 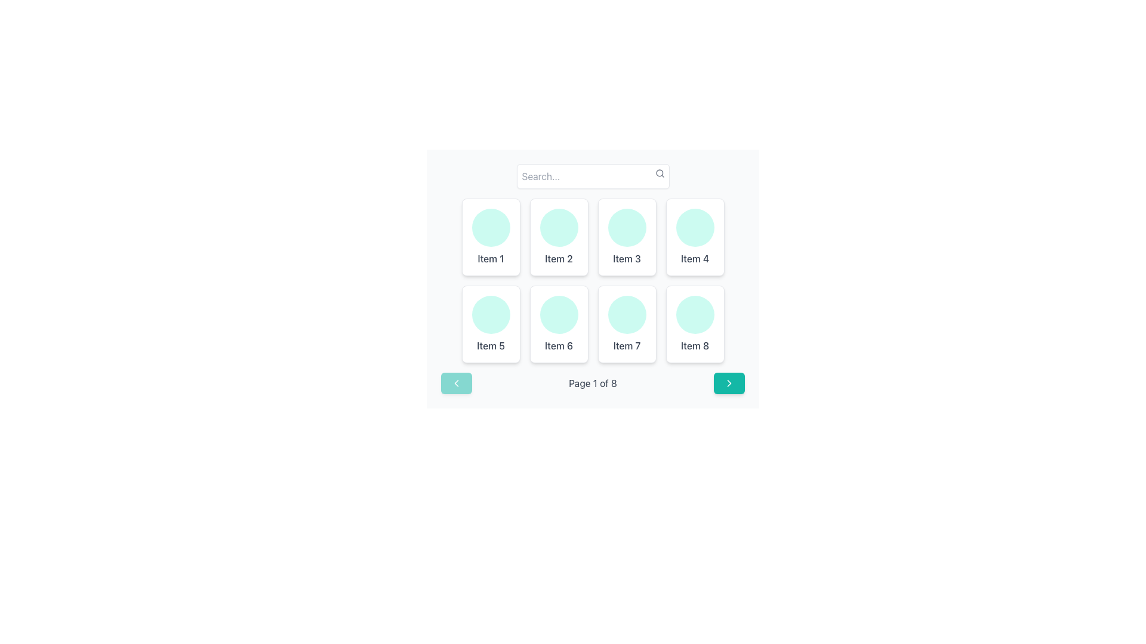 I want to click on an item within the Grid Layout, so click(x=593, y=280).